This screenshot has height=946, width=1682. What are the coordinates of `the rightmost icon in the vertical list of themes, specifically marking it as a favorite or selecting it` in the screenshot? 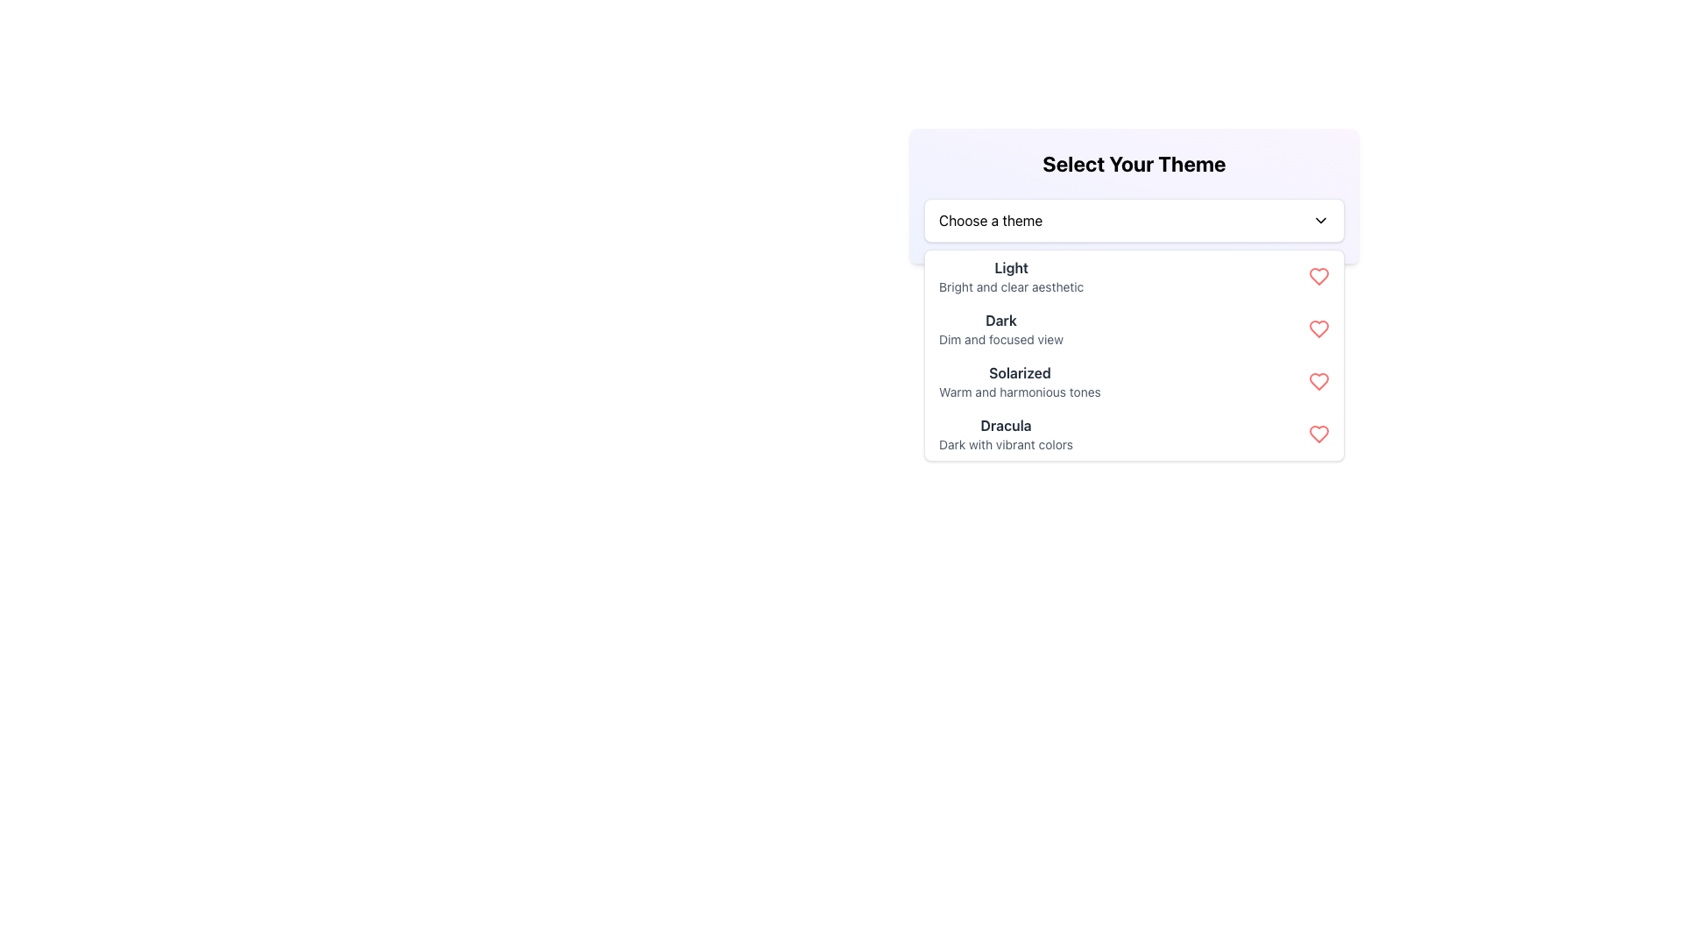 It's located at (1319, 434).